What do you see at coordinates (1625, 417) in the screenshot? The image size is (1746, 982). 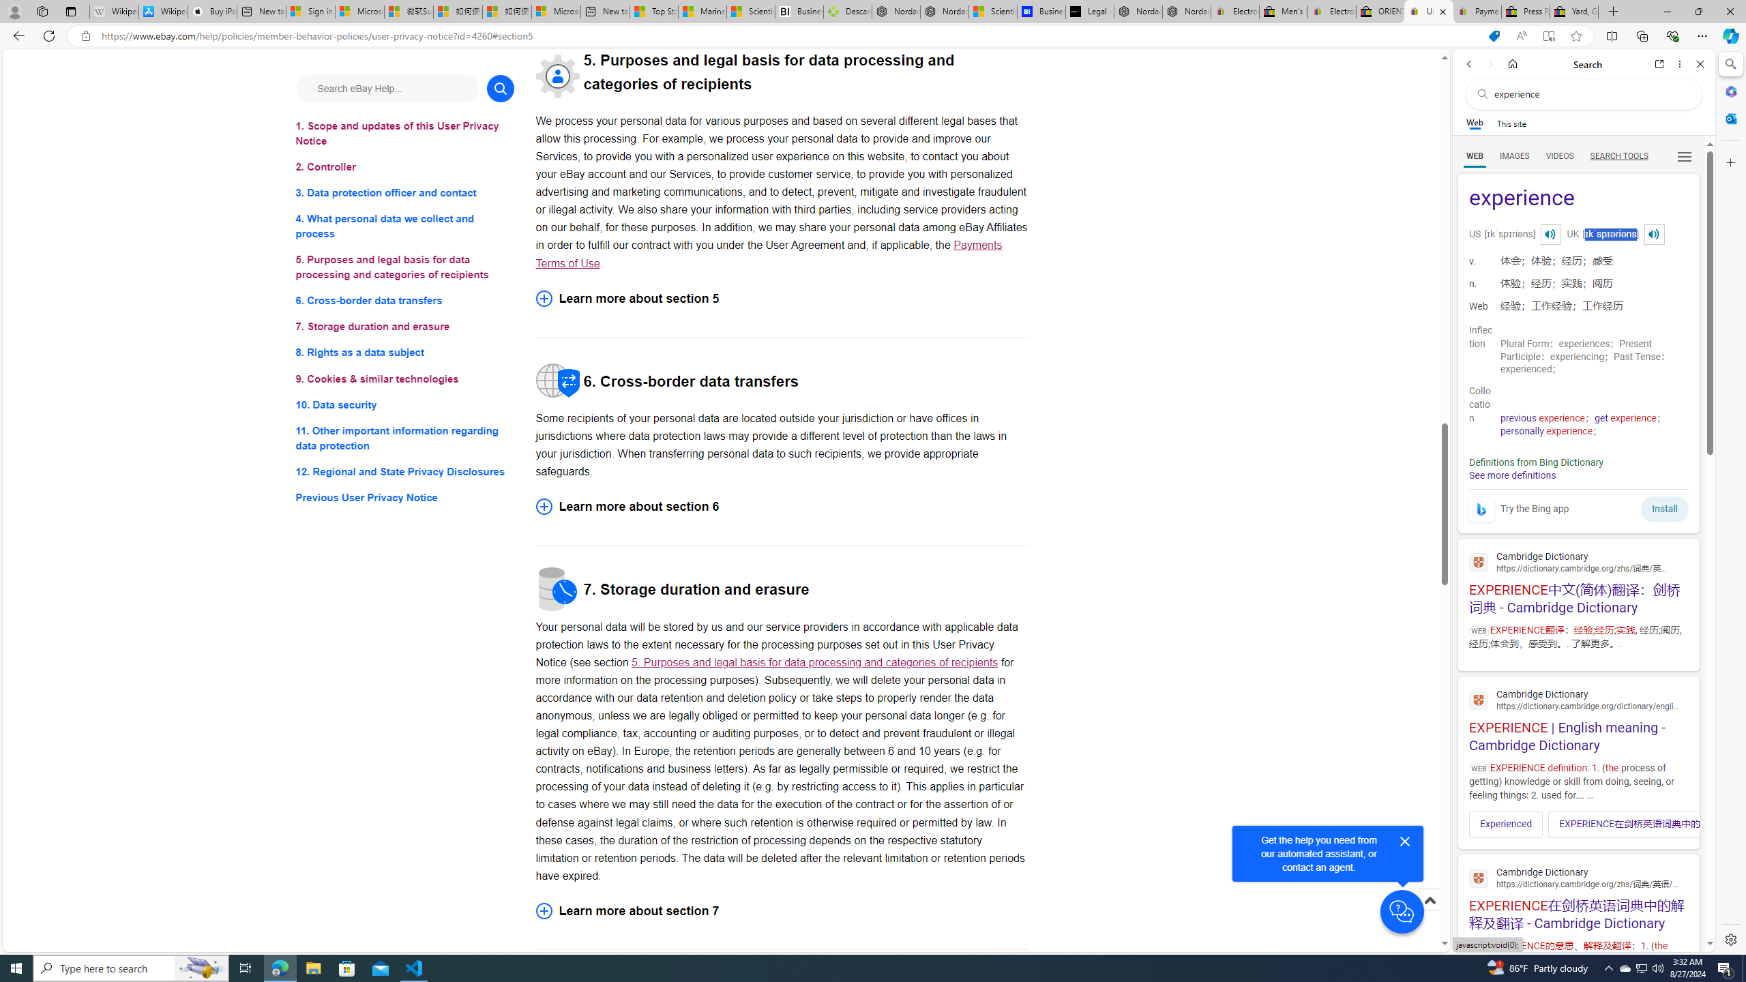 I see `'get experience'` at bounding box center [1625, 417].